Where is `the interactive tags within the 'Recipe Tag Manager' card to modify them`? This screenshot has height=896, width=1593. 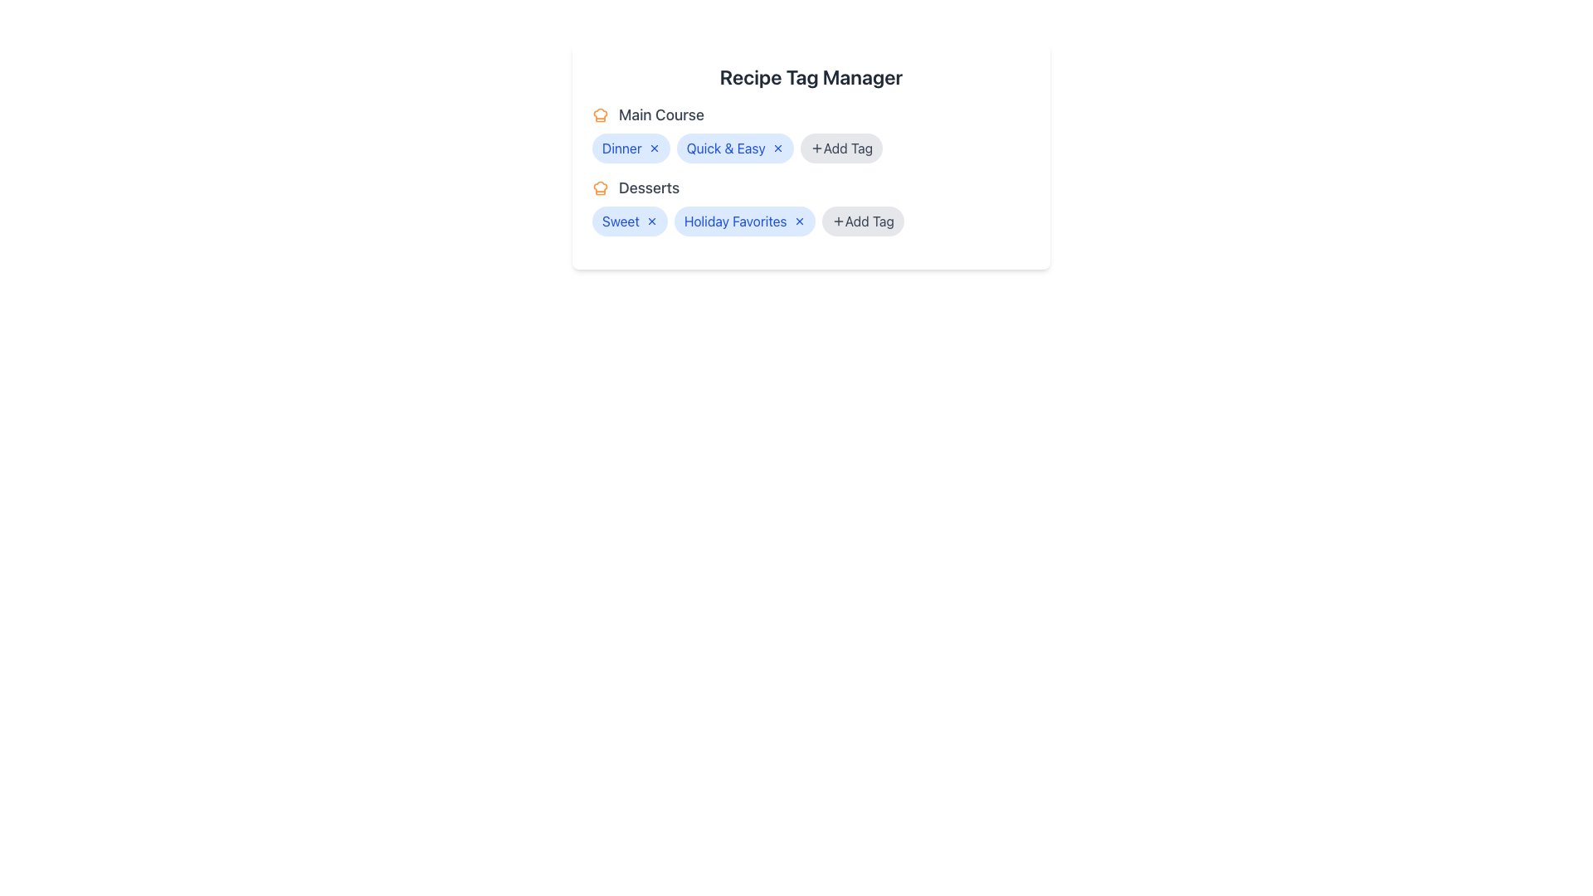 the interactive tags within the 'Recipe Tag Manager' card to modify them is located at coordinates (811, 157).